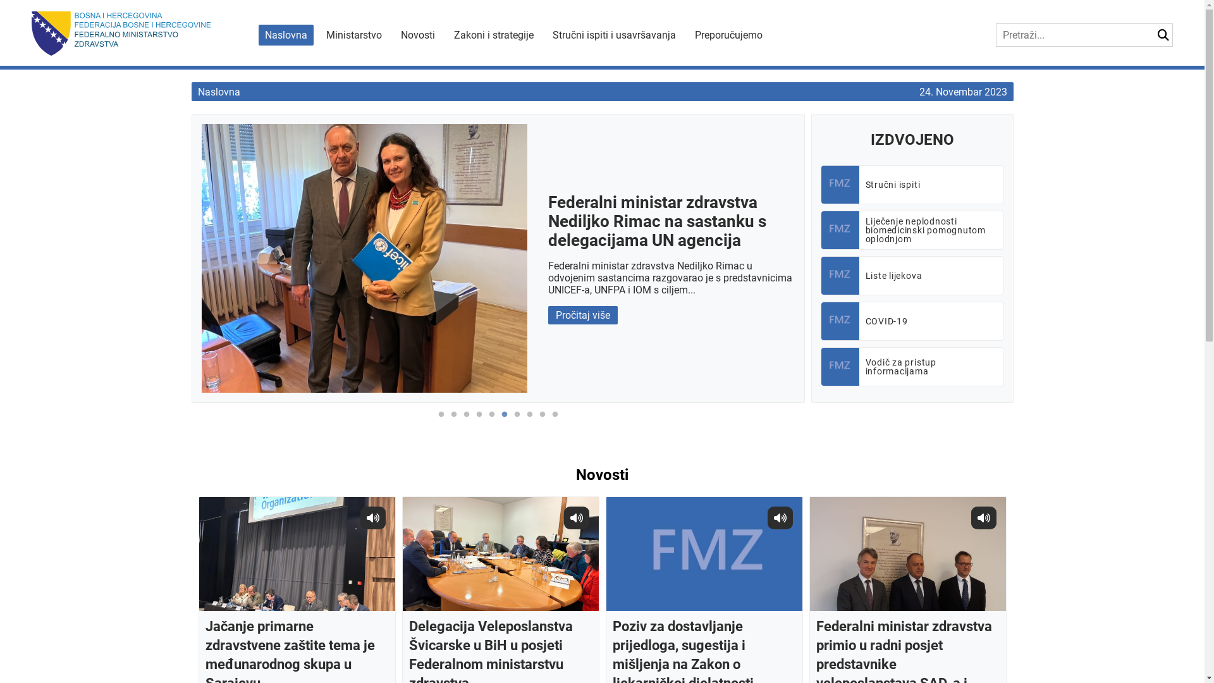 The width and height of the screenshot is (1214, 683). What do you see at coordinates (491, 421) in the screenshot?
I see `'5'` at bounding box center [491, 421].